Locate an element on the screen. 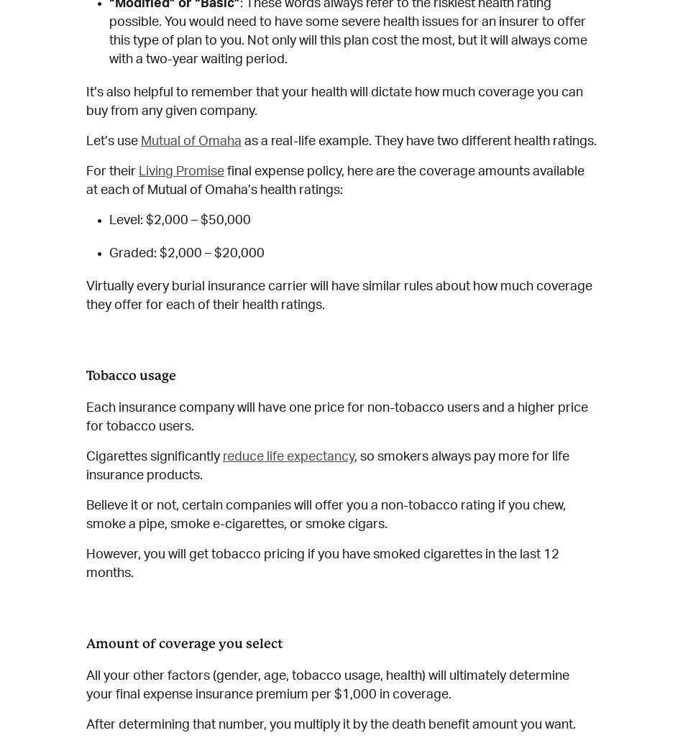 Image resolution: width=683 pixels, height=743 pixels. 'Each insurance company will have one price for non-tobacco users and a higher price for tobacco users.' is located at coordinates (336, 417).